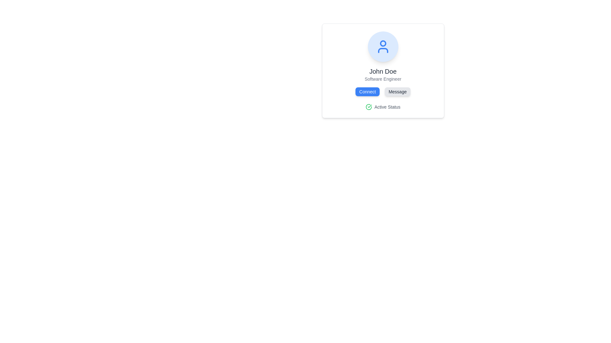 This screenshot has width=611, height=343. I want to click on the 'Connect' button located directly under the user's name 'John Doe' to initiate a connection action, so click(368, 92).